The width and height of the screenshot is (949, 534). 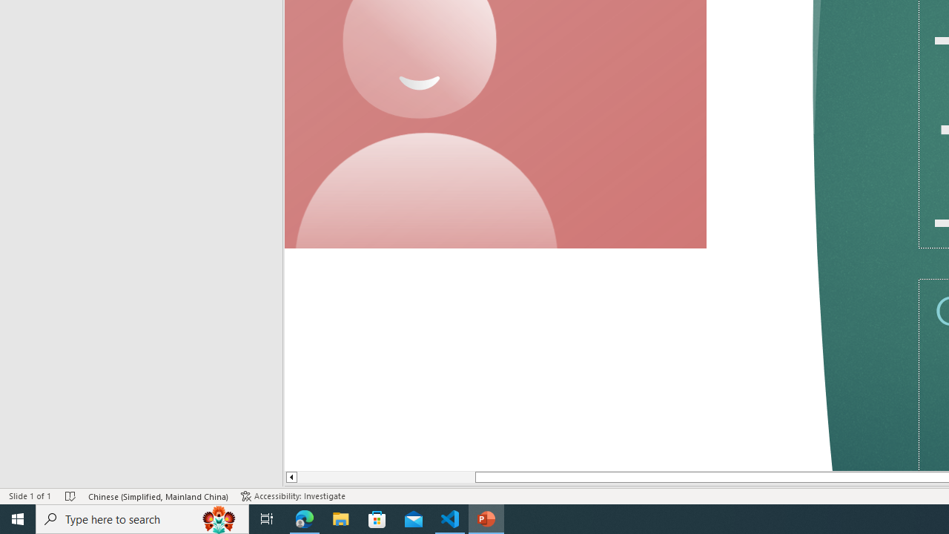 What do you see at coordinates (70, 496) in the screenshot?
I see `'Spell Check No Errors'` at bounding box center [70, 496].